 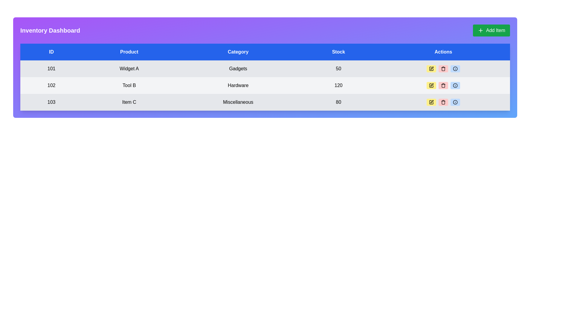 What do you see at coordinates (238, 85) in the screenshot?
I see `the table cell displaying the category 'Hardware' for the product 'Tool B' in the third column of the data table` at bounding box center [238, 85].